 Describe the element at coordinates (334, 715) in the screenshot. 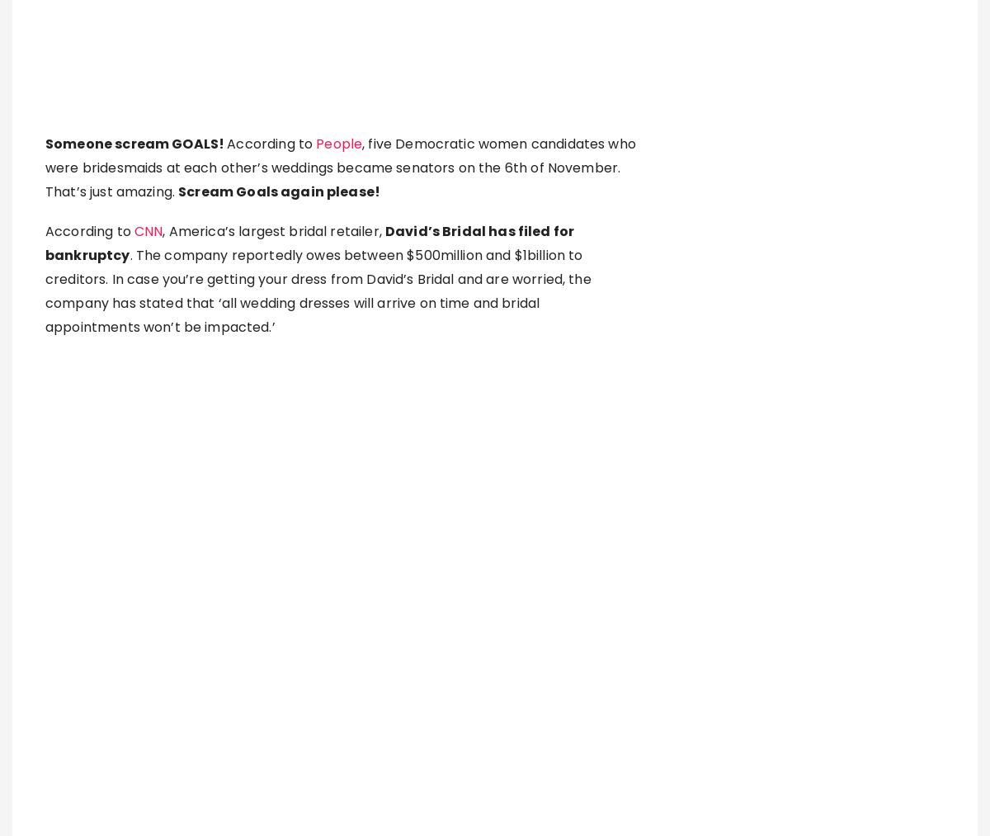

I see `'at the airport last week got married within the same week. According to reports, it was Chris’ first time in Nigeria and his bride welcomed him with a Yes to his proposal to confirm the date for their wedding. Congrats to the couple'` at that location.